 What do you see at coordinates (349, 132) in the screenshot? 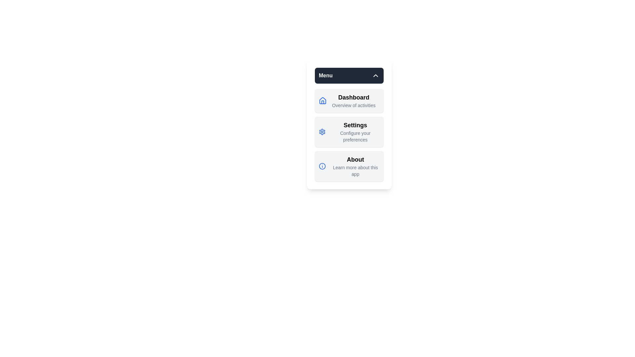
I see `the menu item Settings to observe its hover effect` at bounding box center [349, 132].